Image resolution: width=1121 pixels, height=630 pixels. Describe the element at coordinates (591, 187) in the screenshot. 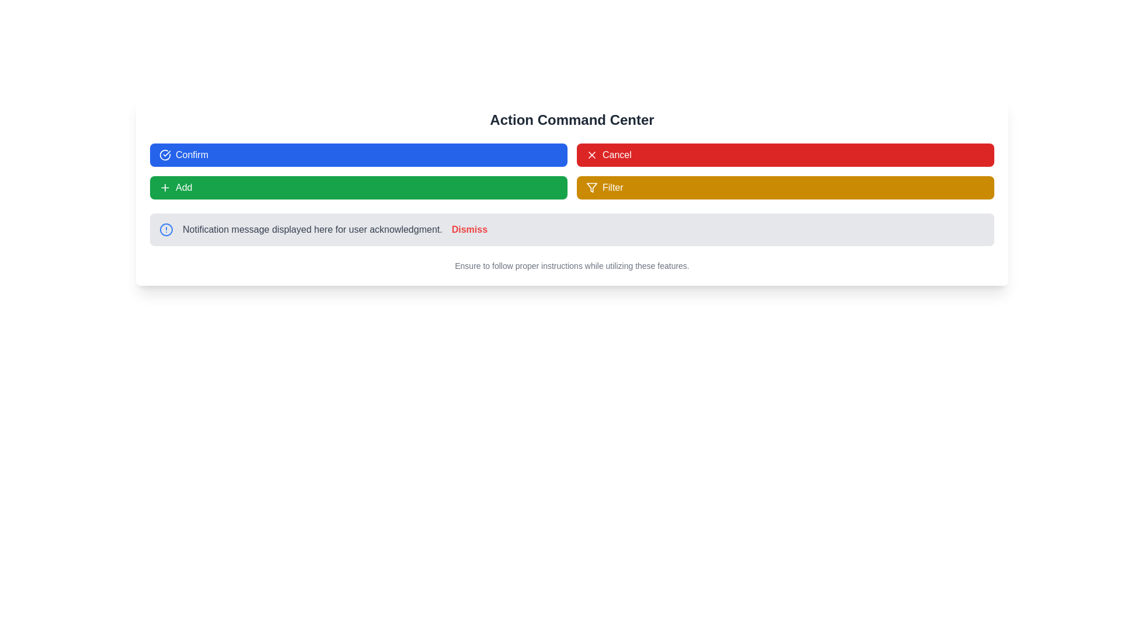

I see `the funnel icon representing filter functionality, located within the 'Filter' button on the right side of the second row of action buttons below the 'Action Command Center' heading` at that location.